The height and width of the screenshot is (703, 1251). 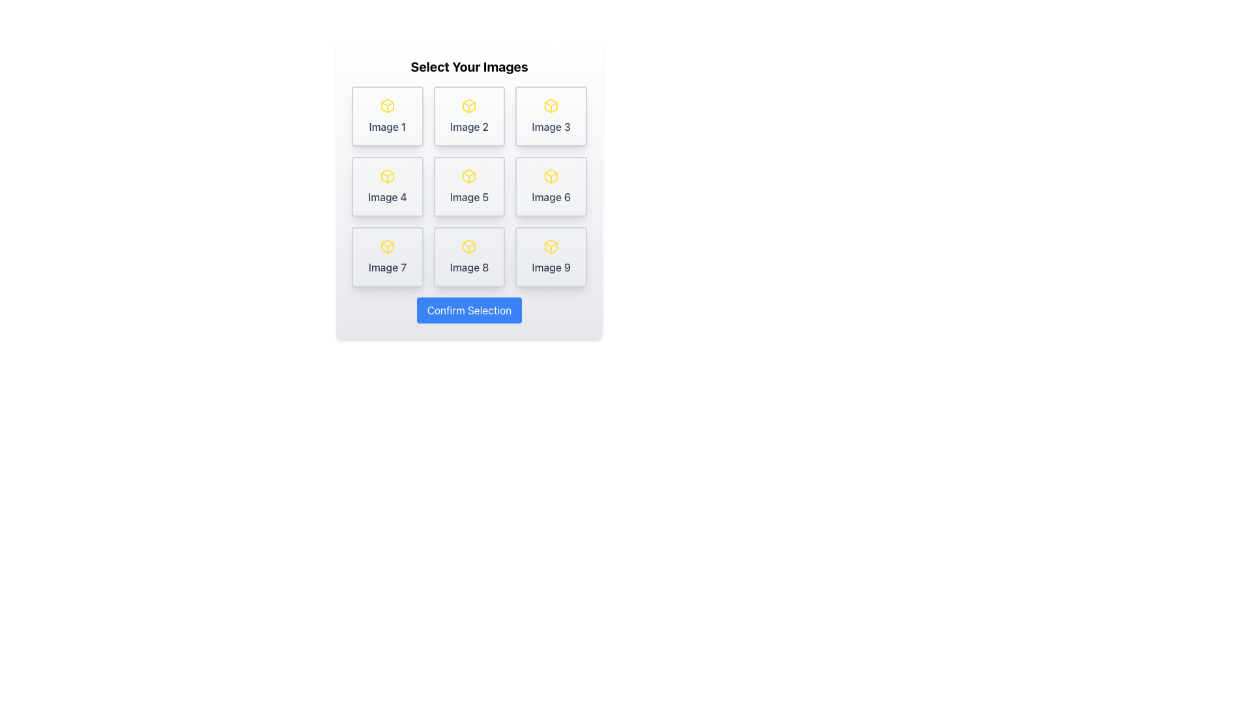 What do you see at coordinates (551, 127) in the screenshot?
I see `the text label that reads 'Image 3', which is styled with a medium-weight font in gray color and positioned below a yellow box icon on the third card in a 3x3 grid layout` at bounding box center [551, 127].